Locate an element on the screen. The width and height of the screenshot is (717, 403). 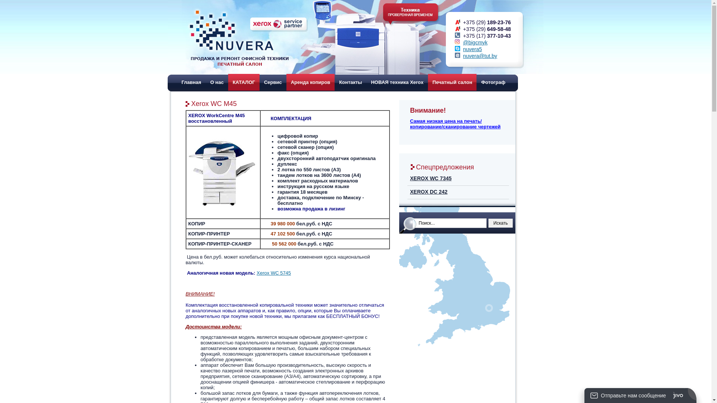
'nuvera@tut.by' is located at coordinates (480, 56).